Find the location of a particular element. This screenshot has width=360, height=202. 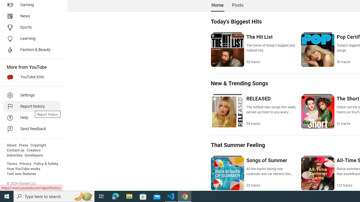

'New & Trending Songs' is located at coordinates (239, 83).